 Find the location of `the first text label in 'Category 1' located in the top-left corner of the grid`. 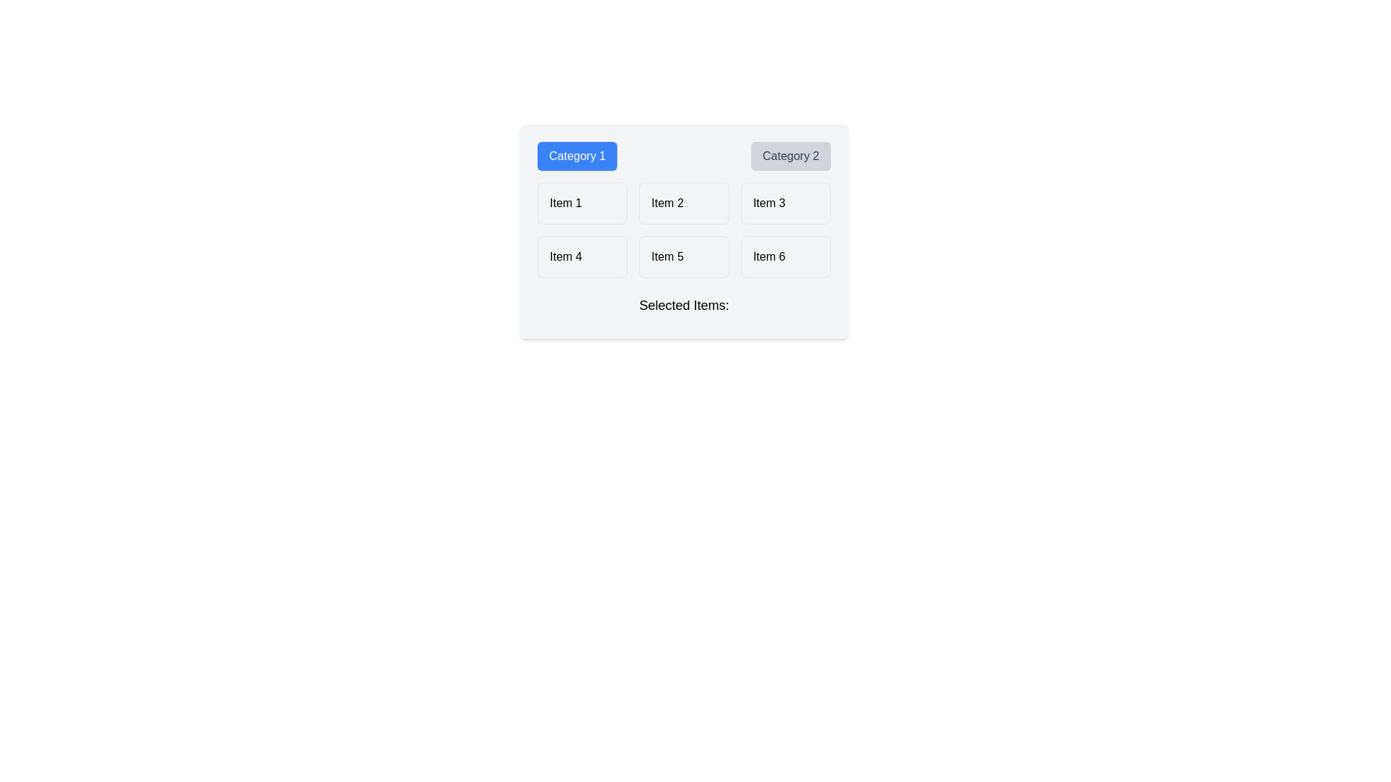

the first text label in 'Category 1' located in the top-left corner of the grid is located at coordinates (565, 203).